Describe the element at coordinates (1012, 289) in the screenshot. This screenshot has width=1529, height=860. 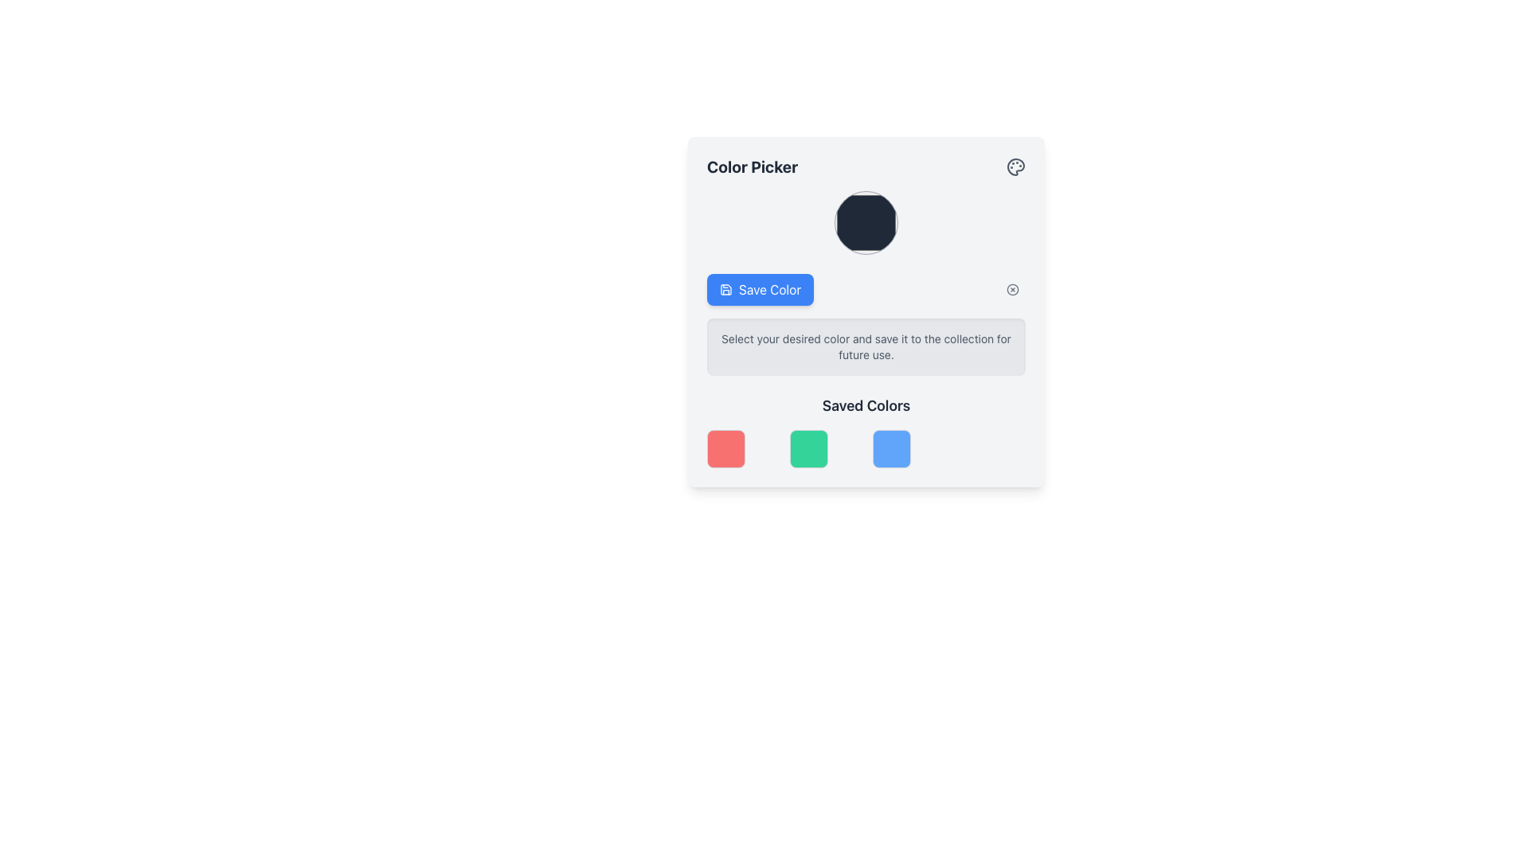
I see `the button located to the right of the 'Save Color' button, which functions to close or dismiss the 'Save Color' section` at that location.